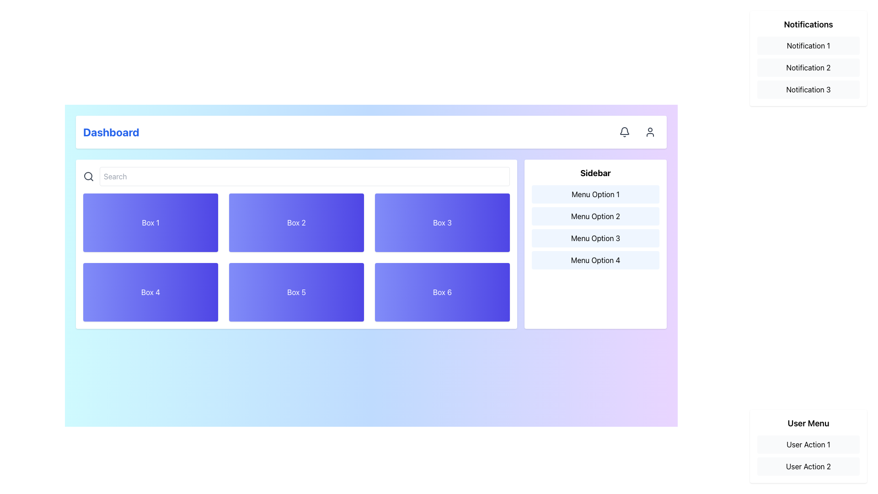  Describe the element at coordinates (808, 446) in the screenshot. I see `the action buttons in the User Menu located at the bottom-right corner of the interface layout` at that location.